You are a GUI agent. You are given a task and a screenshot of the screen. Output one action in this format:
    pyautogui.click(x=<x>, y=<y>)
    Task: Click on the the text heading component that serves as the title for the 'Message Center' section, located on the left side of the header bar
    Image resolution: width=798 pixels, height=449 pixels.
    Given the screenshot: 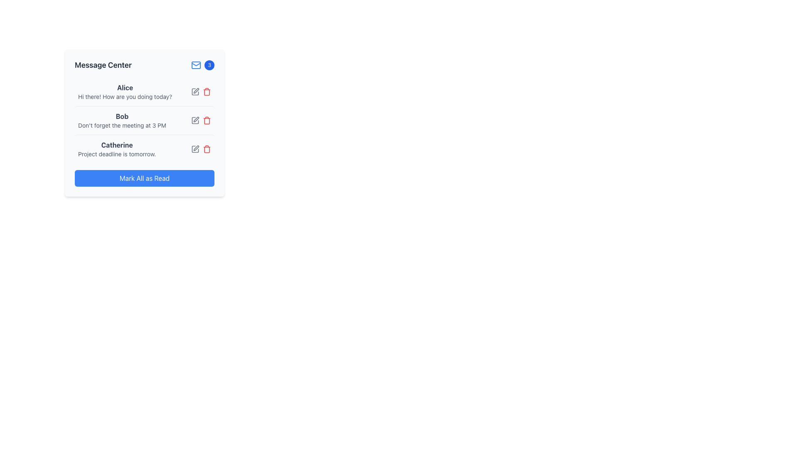 What is the action you would take?
    pyautogui.click(x=103, y=65)
    